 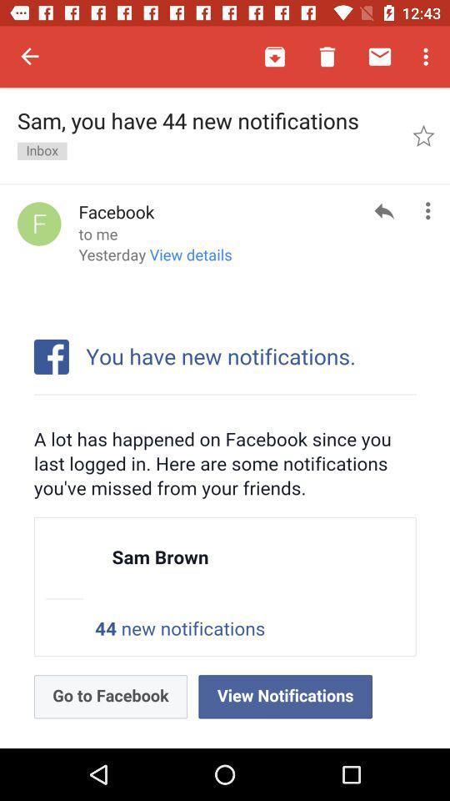 What do you see at coordinates (39, 223) in the screenshot?
I see `the item to the left of the facebook item` at bounding box center [39, 223].